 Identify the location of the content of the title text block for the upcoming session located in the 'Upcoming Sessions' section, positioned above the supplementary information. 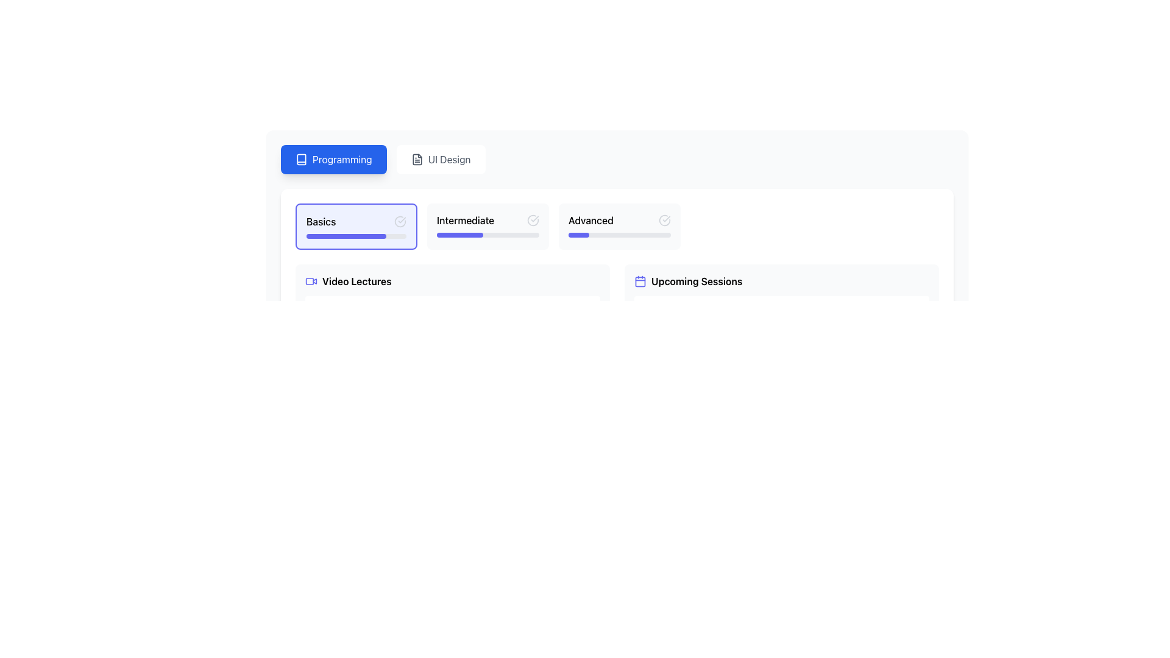
(700, 310).